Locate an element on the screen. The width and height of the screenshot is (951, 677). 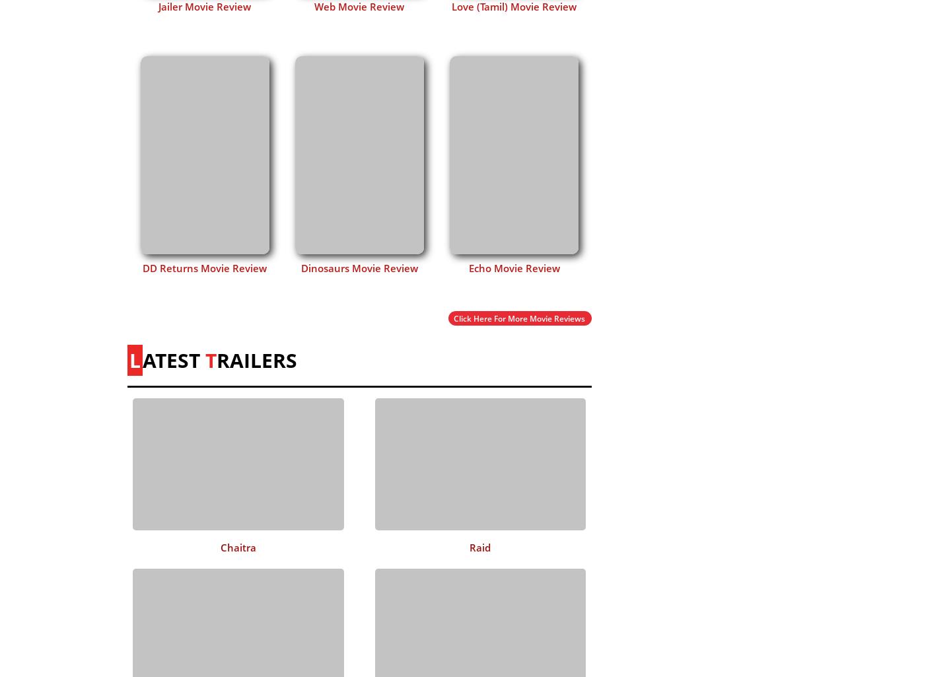
'L' is located at coordinates (135, 359).